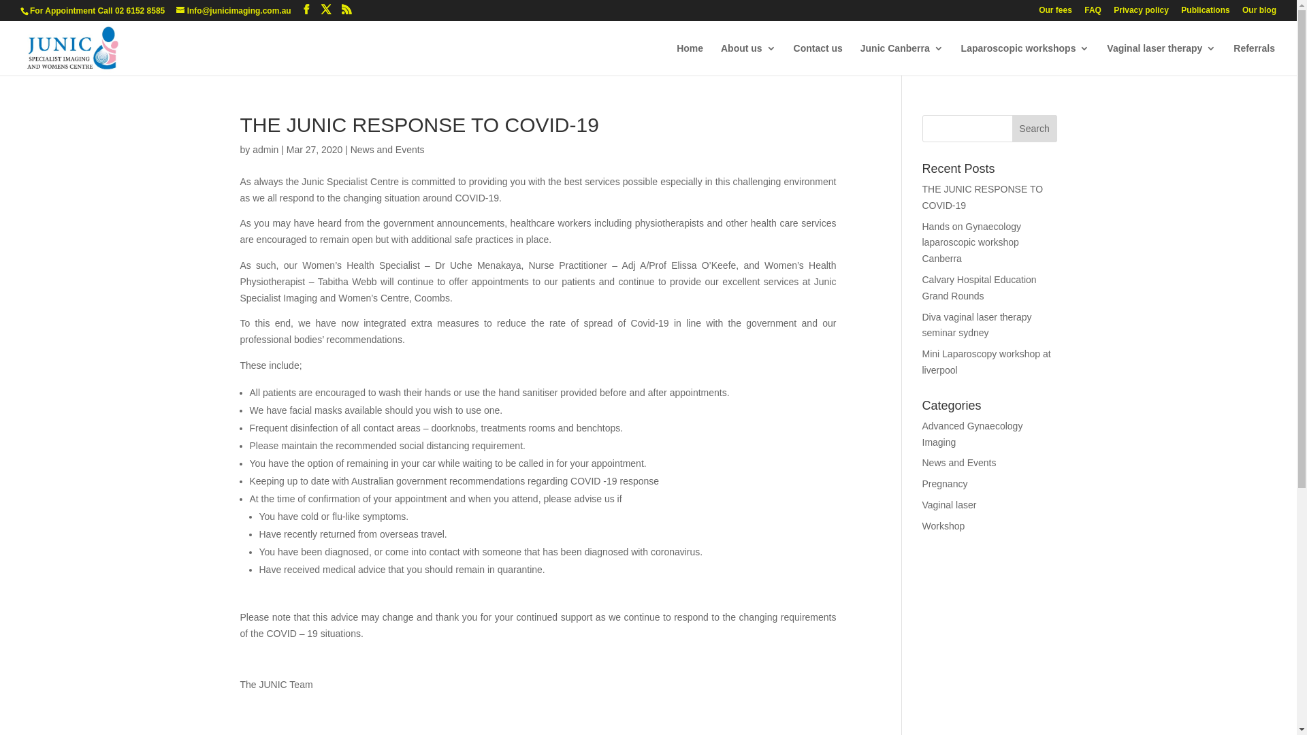  What do you see at coordinates (1242, 13) in the screenshot?
I see `'Our blog'` at bounding box center [1242, 13].